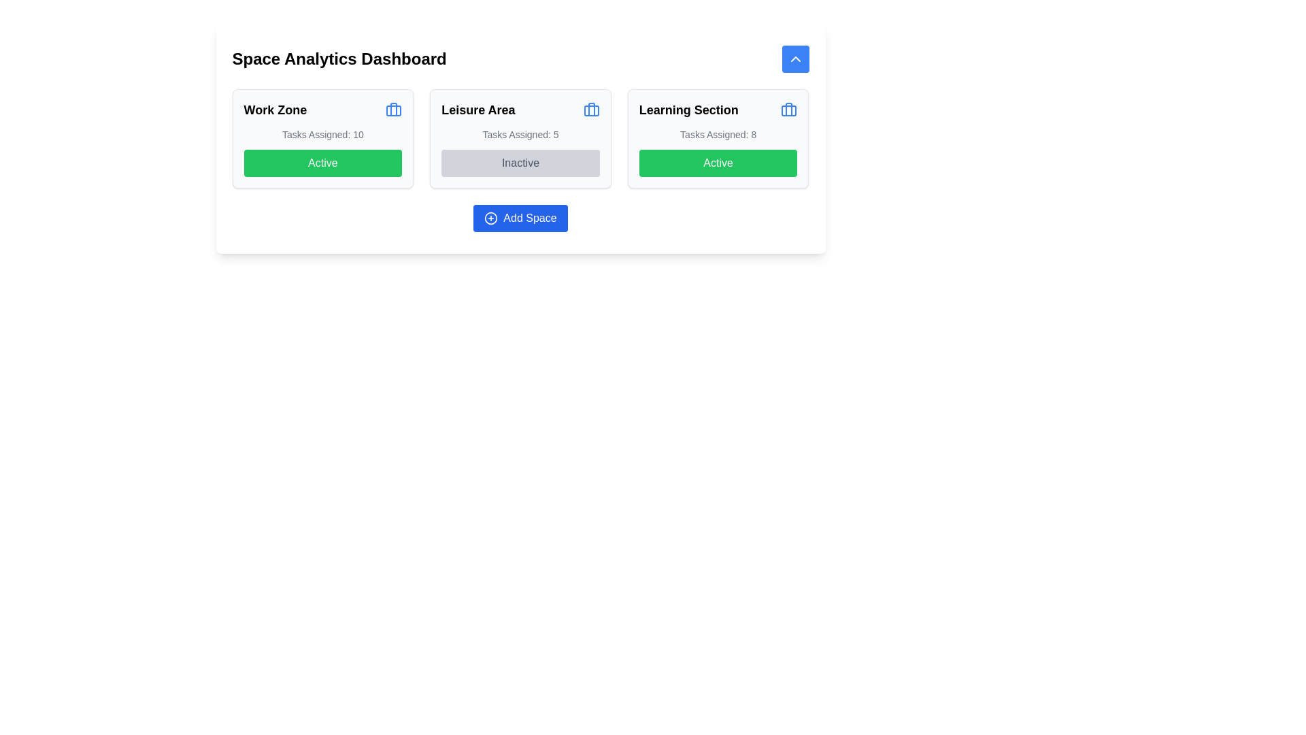  Describe the element at coordinates (718, 110) in the screenshot. I see `the 'Learning Section' label text with an associated icon, which serves as the title for its card and is located at the top of the card, above the 'Tasks Assigned: 8' text and the 'Active' button` at that location.